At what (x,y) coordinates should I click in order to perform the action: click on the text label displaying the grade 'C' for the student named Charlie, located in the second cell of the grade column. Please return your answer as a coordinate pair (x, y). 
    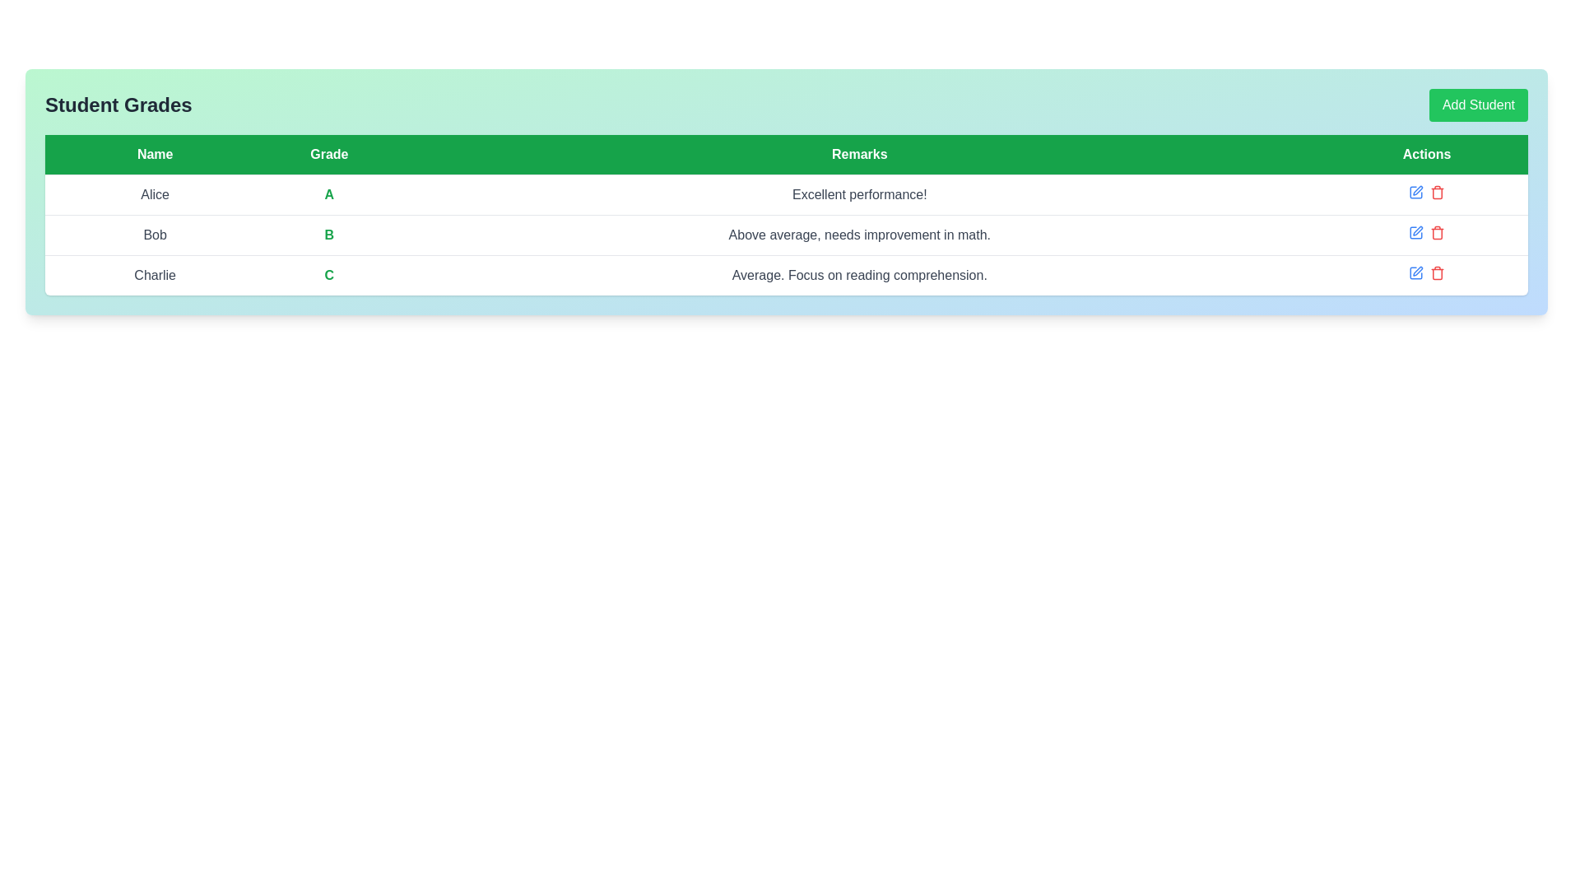
    Looking at the image, I should click on (329, 274).